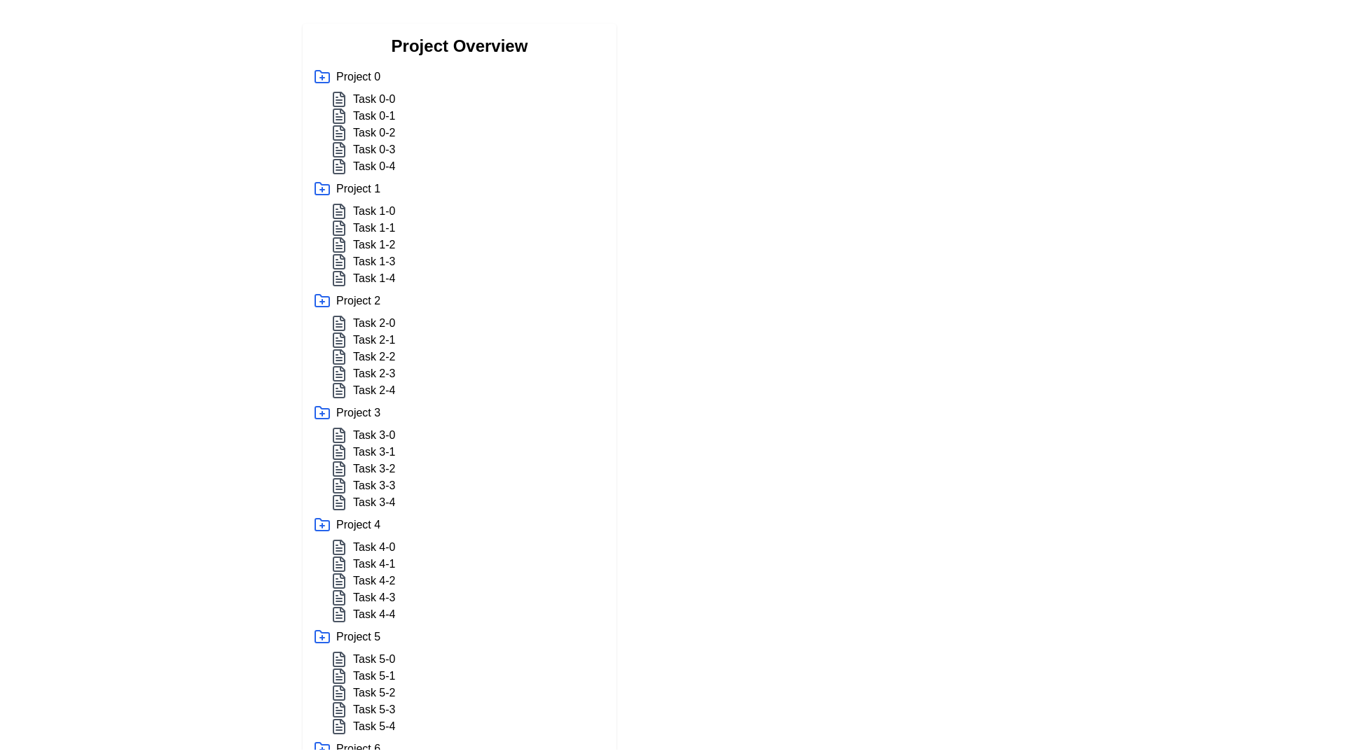 This screenshot has width=1345, height=756. Describe the element at coordinates (467, 469) in the screenshot. I see `the list item labeled 'Task 3-2'` at that location.